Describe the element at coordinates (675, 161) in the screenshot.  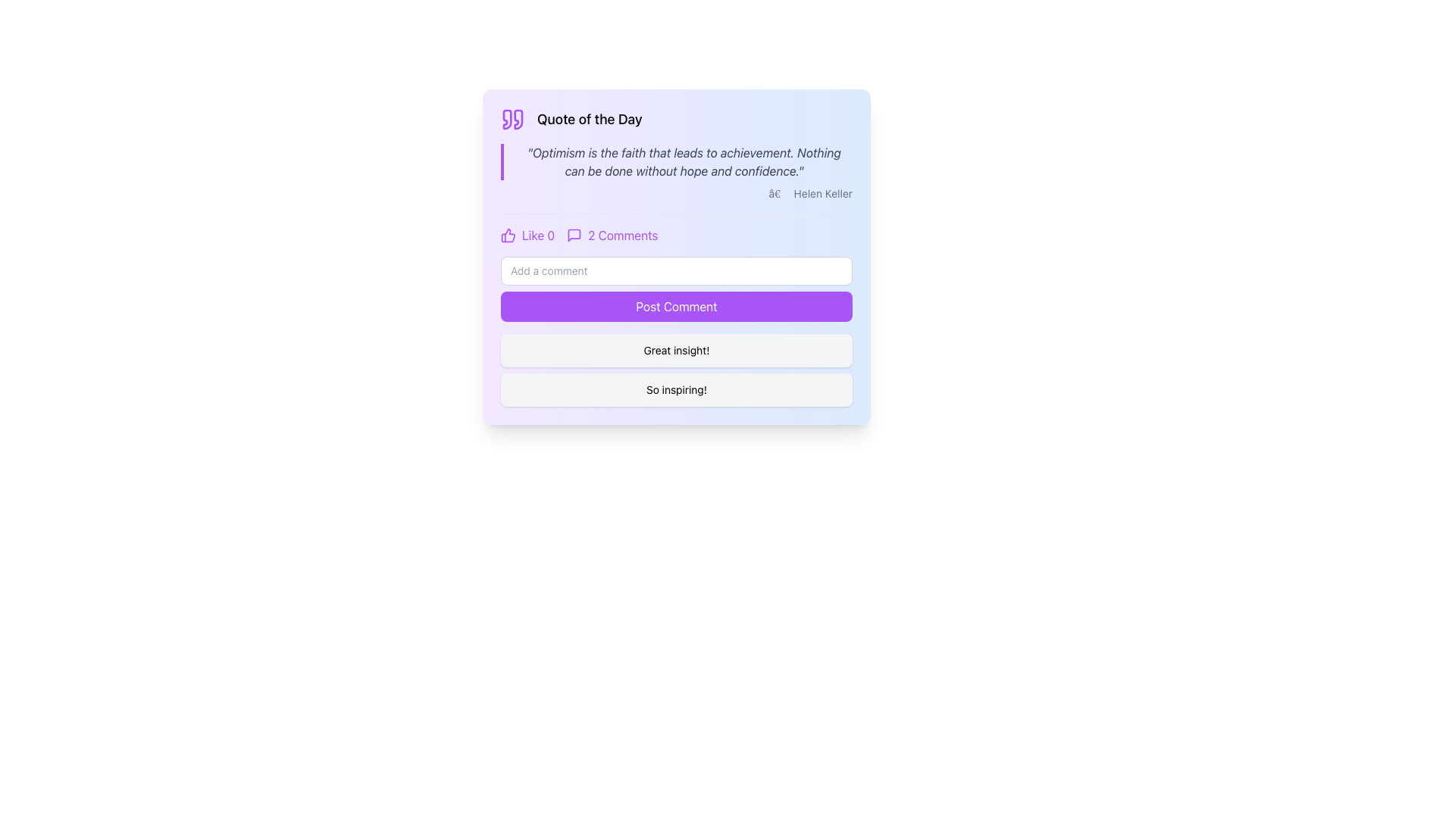
I see `the Static Text Block displaying the motivational quote, positioned below the title 'Quote of the Day' and above the author's attribution '- Helen Keller'` at that location.